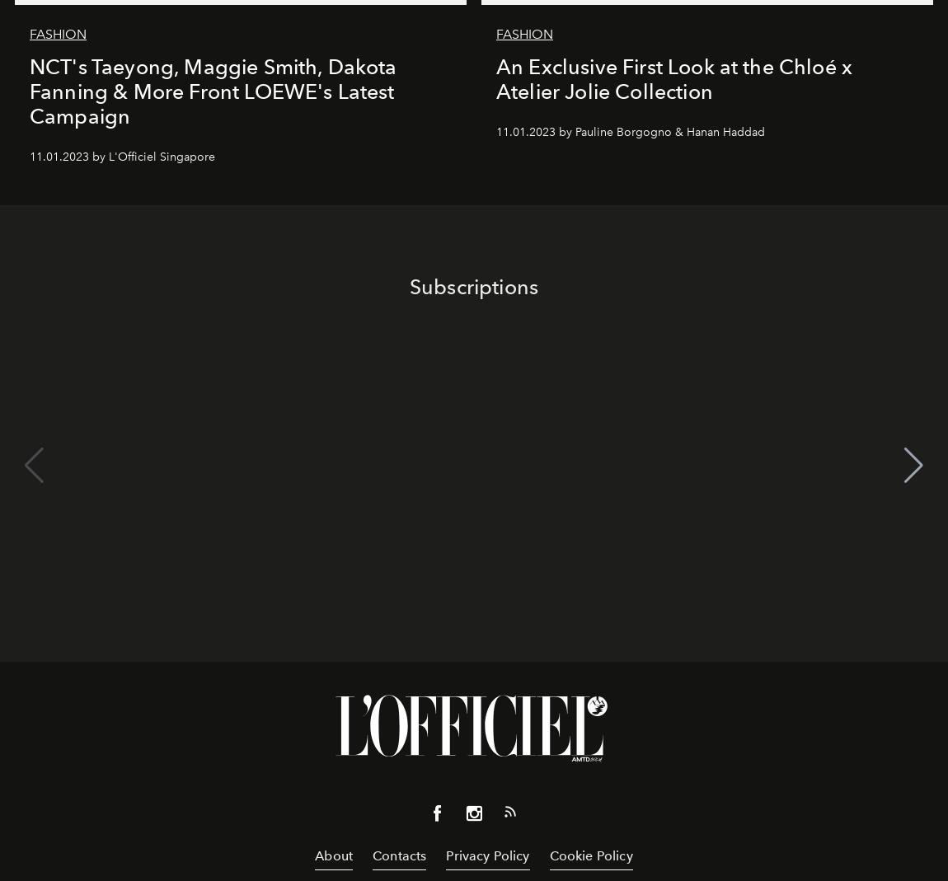 Image resolution: width=948 pixels, height=881 pixels. Describe the element at coordinates (673, 77) in the screenshot. I see `'An Exclusive First Look at the Chloé x Atelier Jolie Collection'` at that location.